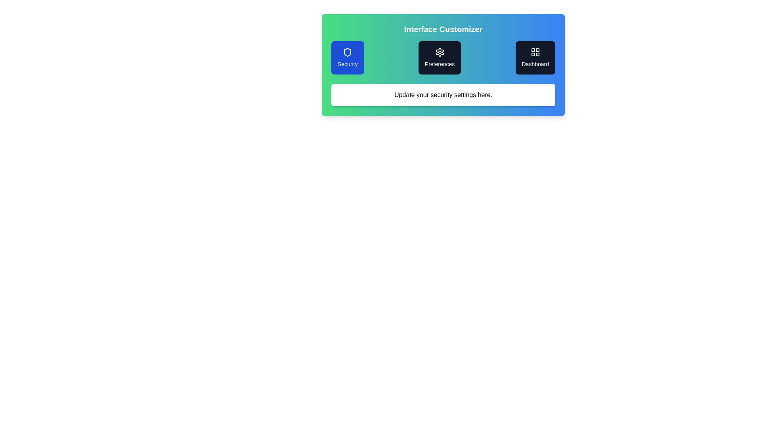 This screenshot has height=428, width=761. What do you see at coordinates (439, 57) in the screenshot?
I see `the 'Preferences' button, which is a rectangular button with a rounded corner design, dark background, white settings icon at the top, and 'Preferences' label in white text at the bottom, positioned centrally between the 'Security' and 'Dashboard' buttons` at bounding box center [439, 57].